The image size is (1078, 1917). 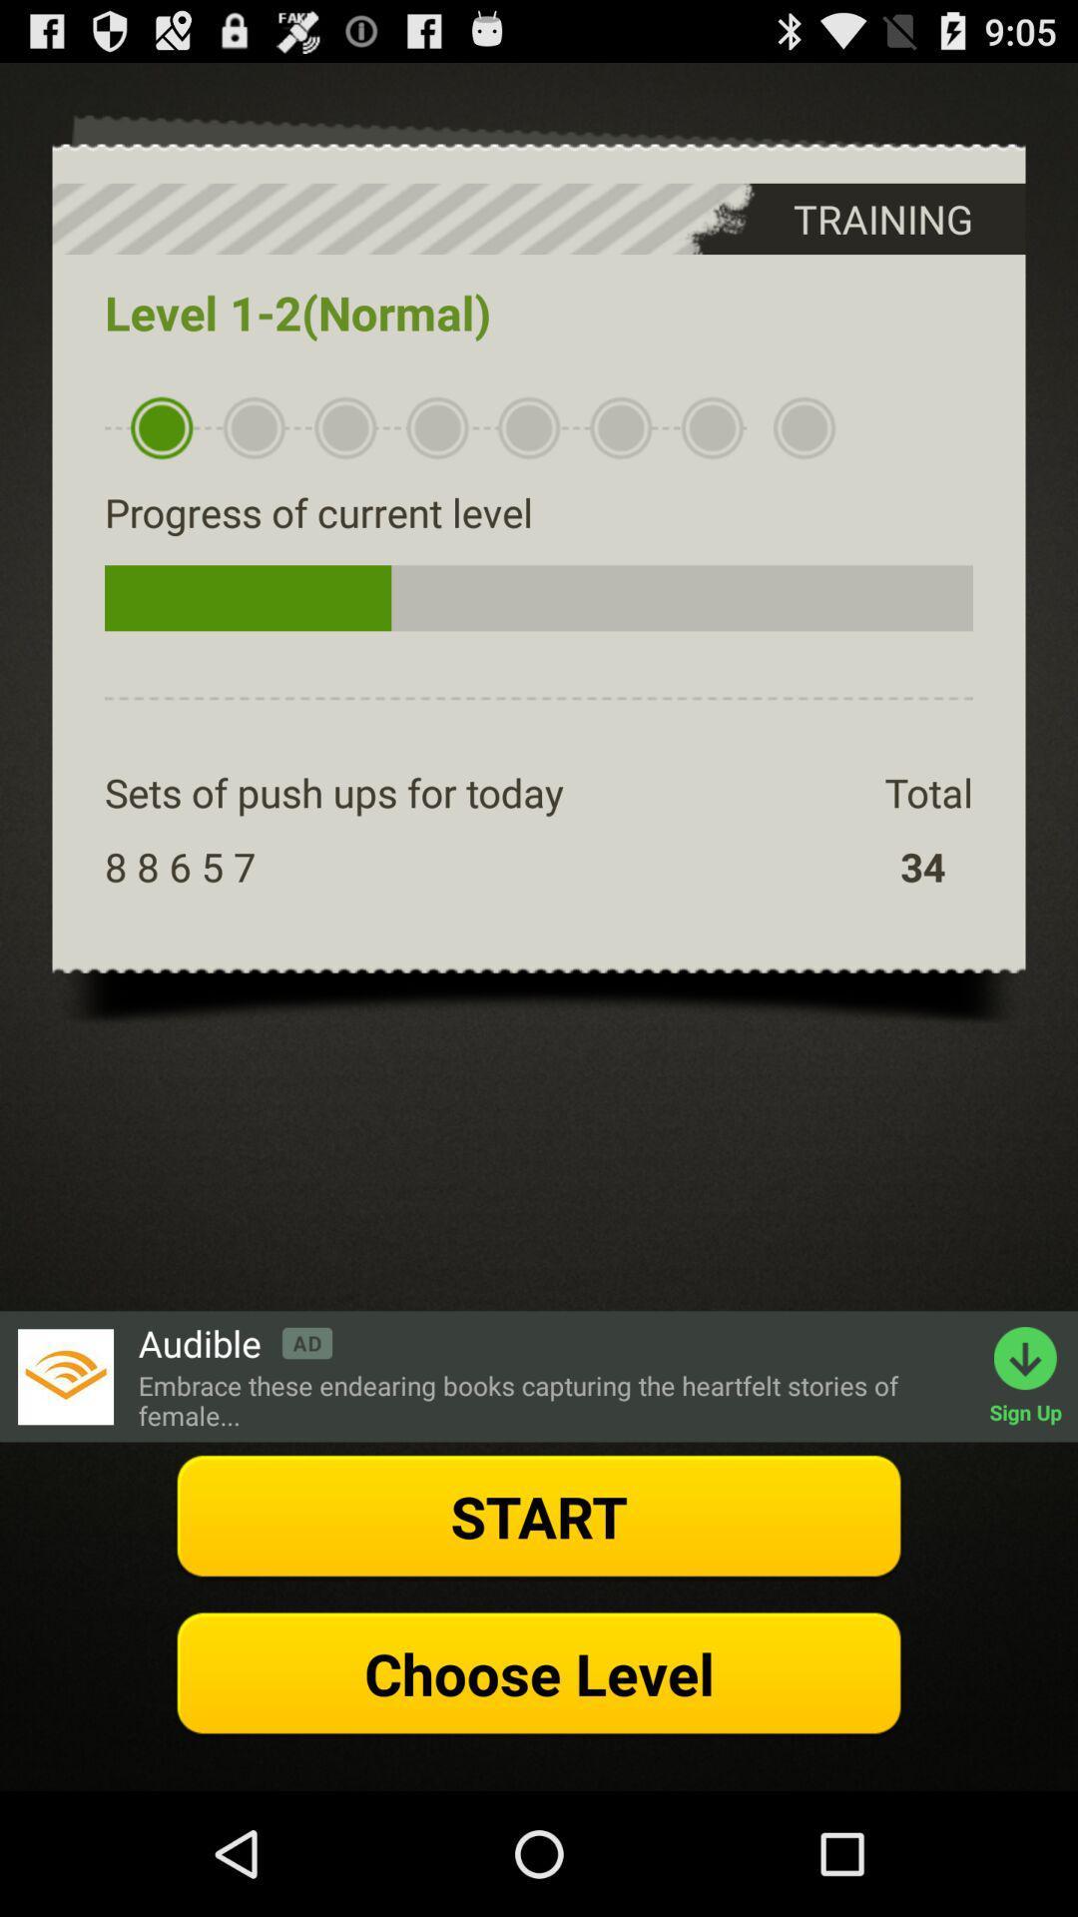 What do you see at coordinates (842, 219) in the screenshot?
I see `training` at bounding box center [842, 219].